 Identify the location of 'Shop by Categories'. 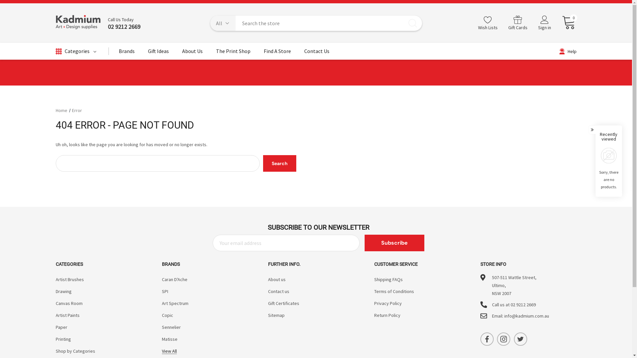
(75, 351).